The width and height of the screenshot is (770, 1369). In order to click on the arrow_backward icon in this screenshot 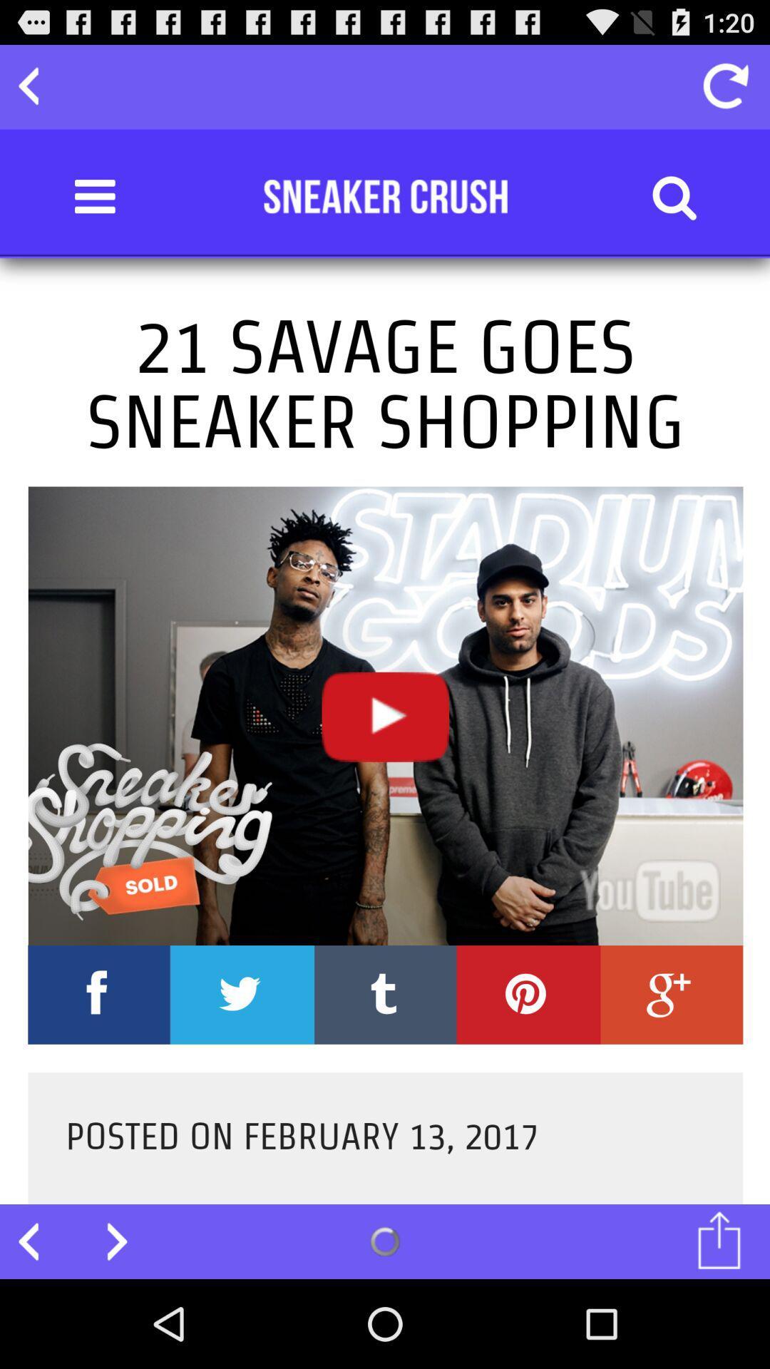, I will do `click(36, 1328)`.